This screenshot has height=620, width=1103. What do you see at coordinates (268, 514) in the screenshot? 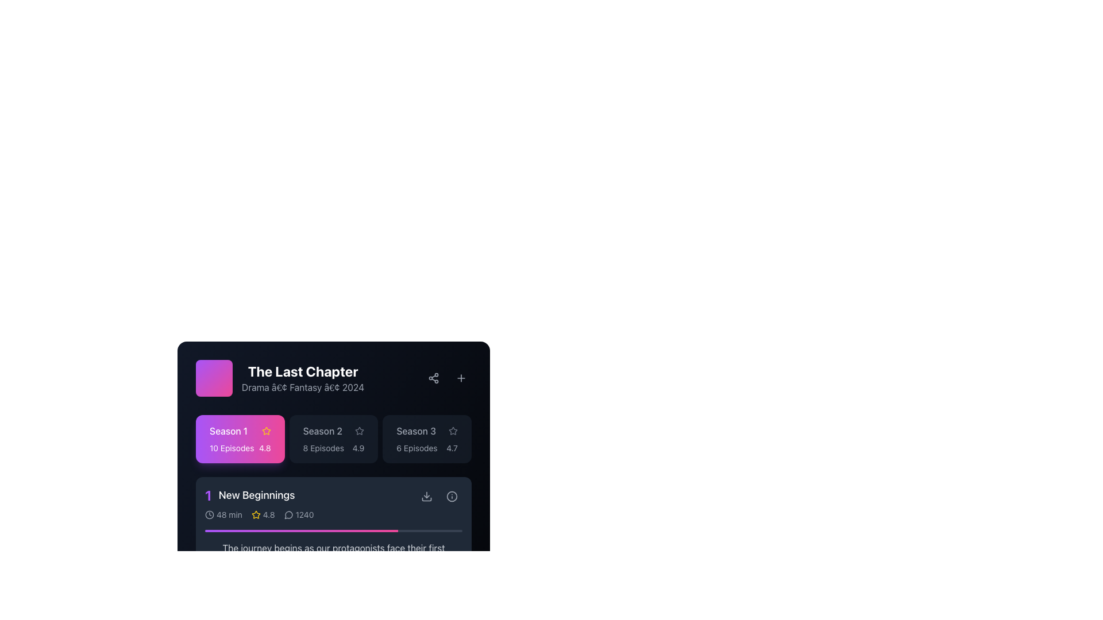
I see `the static text representing the numerical rating value associated with the star icon next` at bounding box center [268, 514].